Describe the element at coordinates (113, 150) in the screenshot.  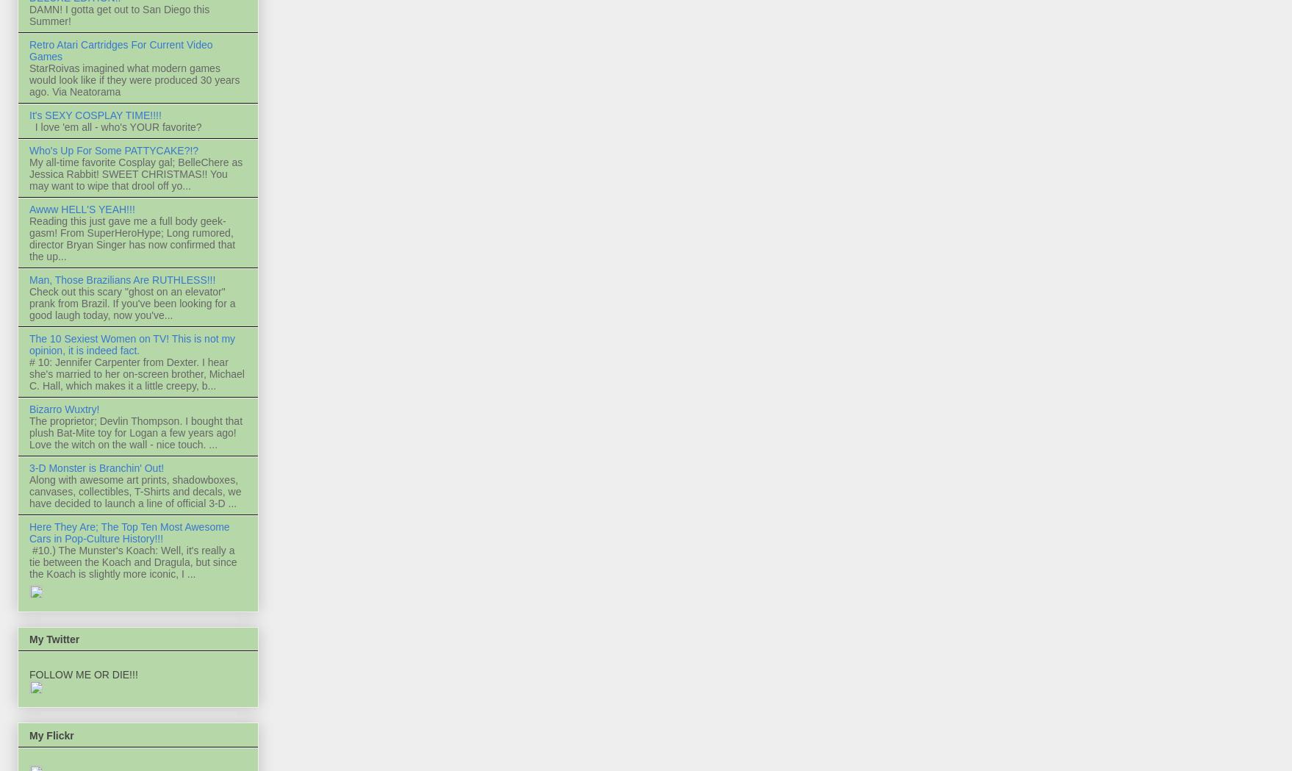
I see `'Who's Up For Some PATTYCAKE?!?'` at that location.